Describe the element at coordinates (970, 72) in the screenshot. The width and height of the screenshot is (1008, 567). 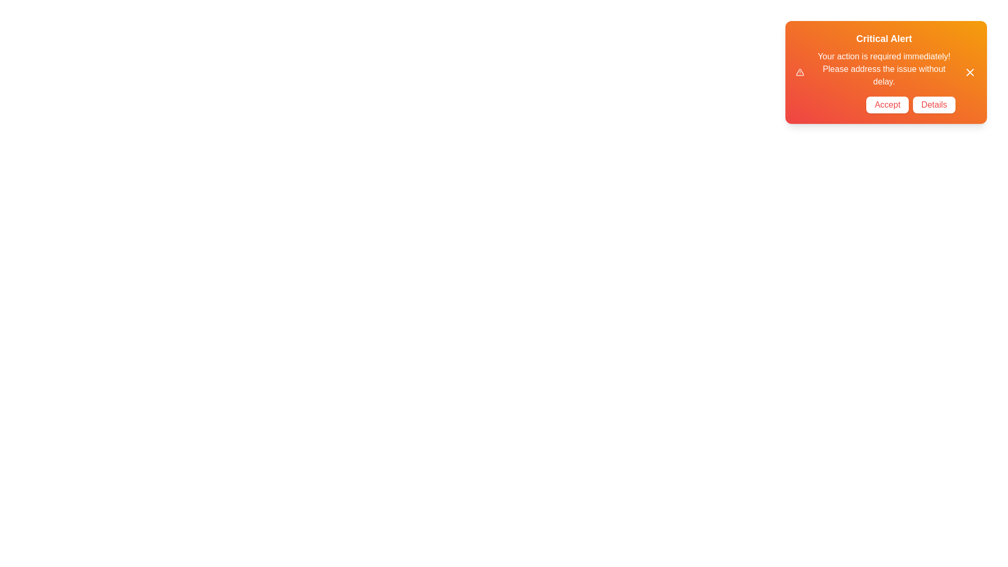
I see `the 'X' icon to close the alert notification` at that location.